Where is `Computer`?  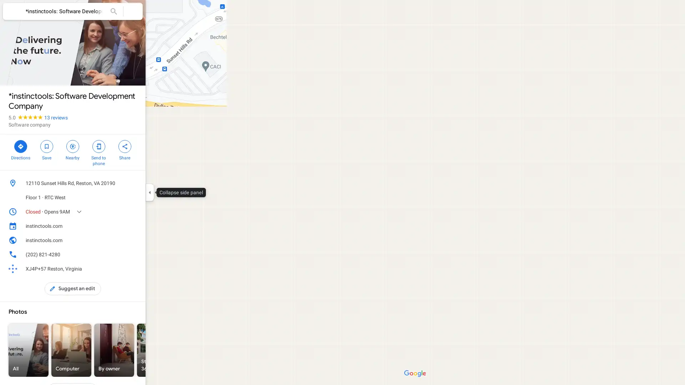
Computer is located at coordinates (71, 350).